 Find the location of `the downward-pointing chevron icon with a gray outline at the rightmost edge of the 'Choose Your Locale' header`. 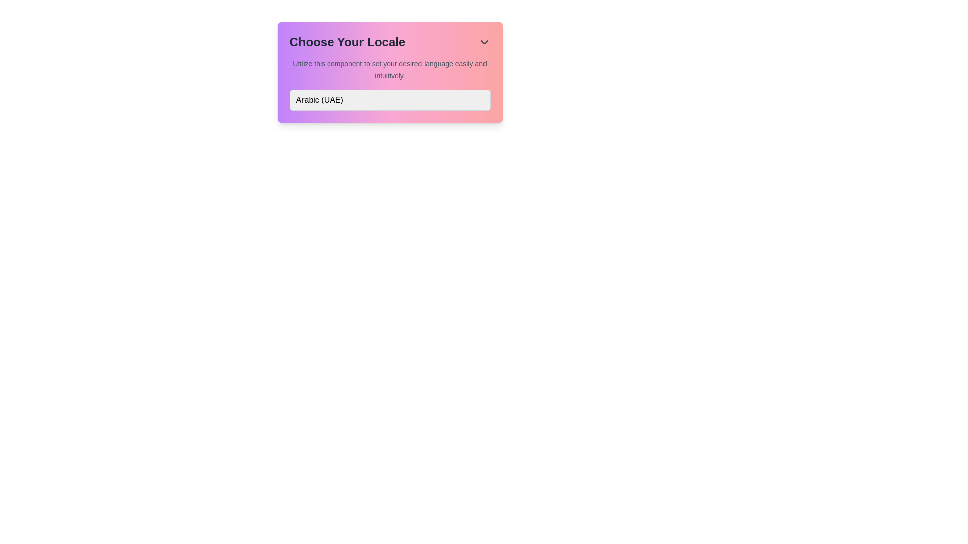

the downward-pointing chevron icon with a gray outline at the rightmost edge of the 'Choose Your Locale' header is located at coordinates (484, 42).